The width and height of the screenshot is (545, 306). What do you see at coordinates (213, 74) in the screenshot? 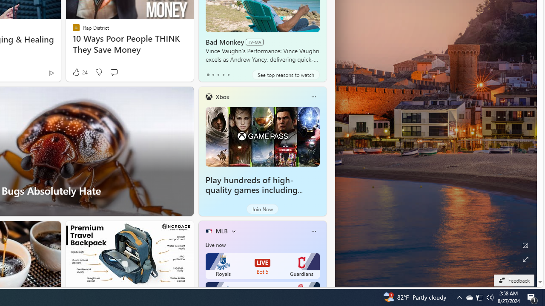
I see `'tab-1'` at bounding box center [213, 74].